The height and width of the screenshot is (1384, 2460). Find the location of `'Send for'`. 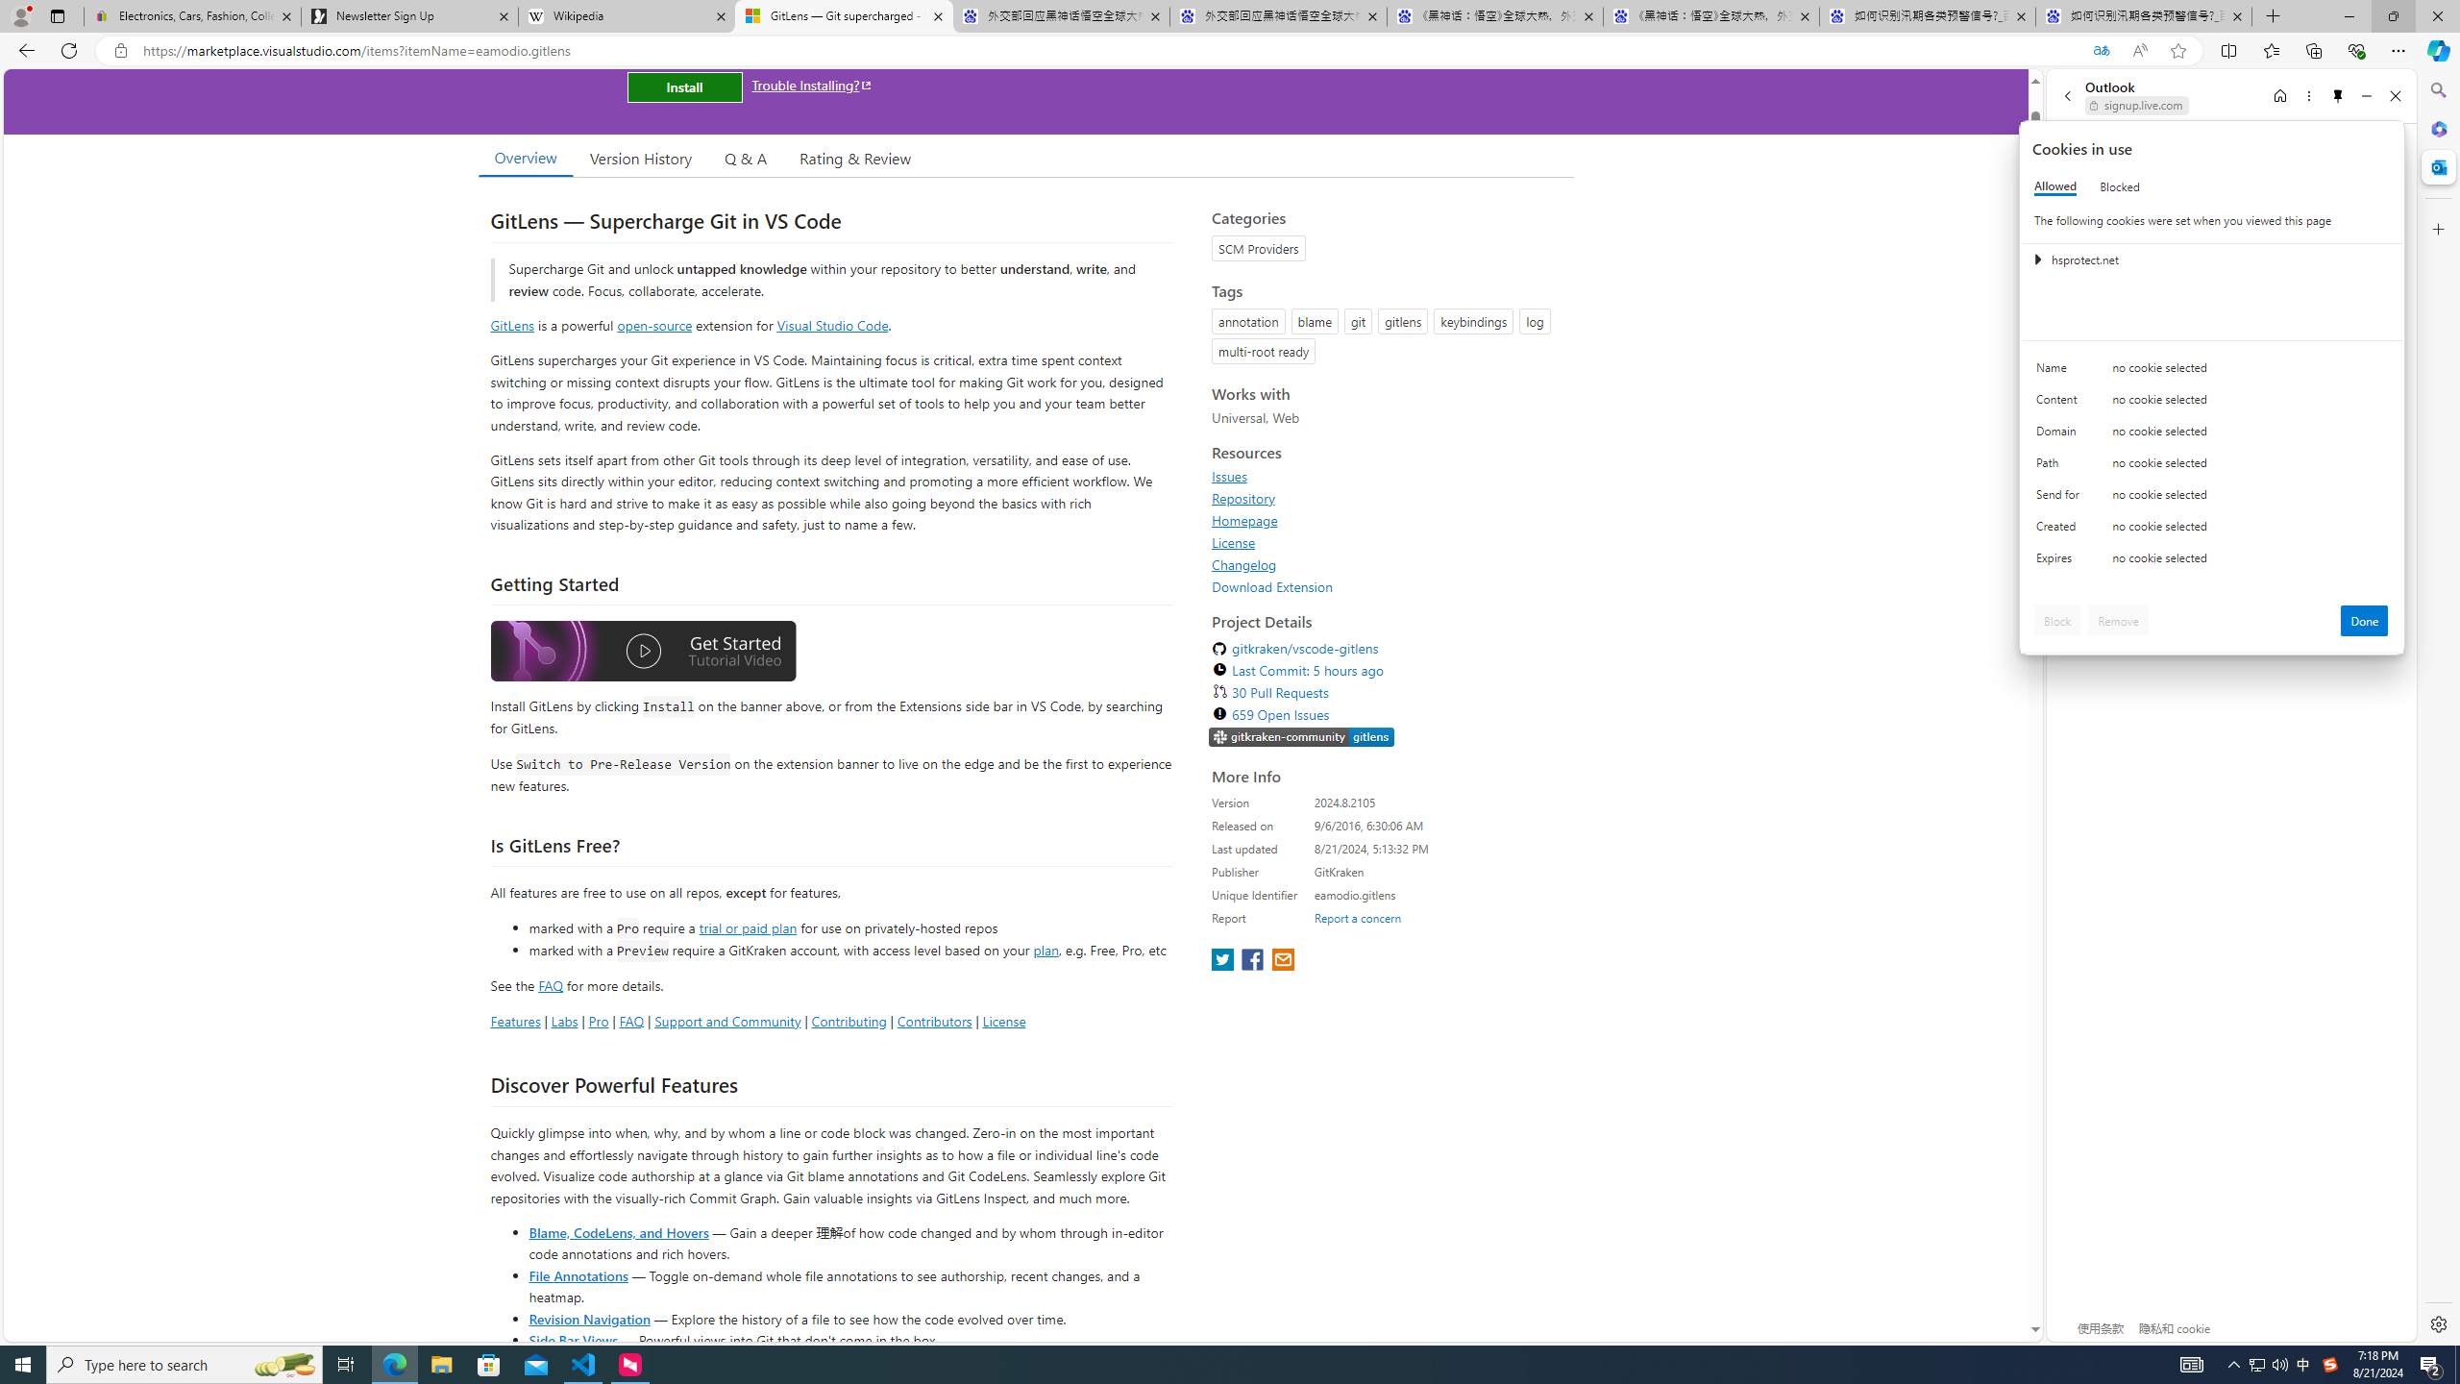

'Send for' is located at coordinates (2060, 498).